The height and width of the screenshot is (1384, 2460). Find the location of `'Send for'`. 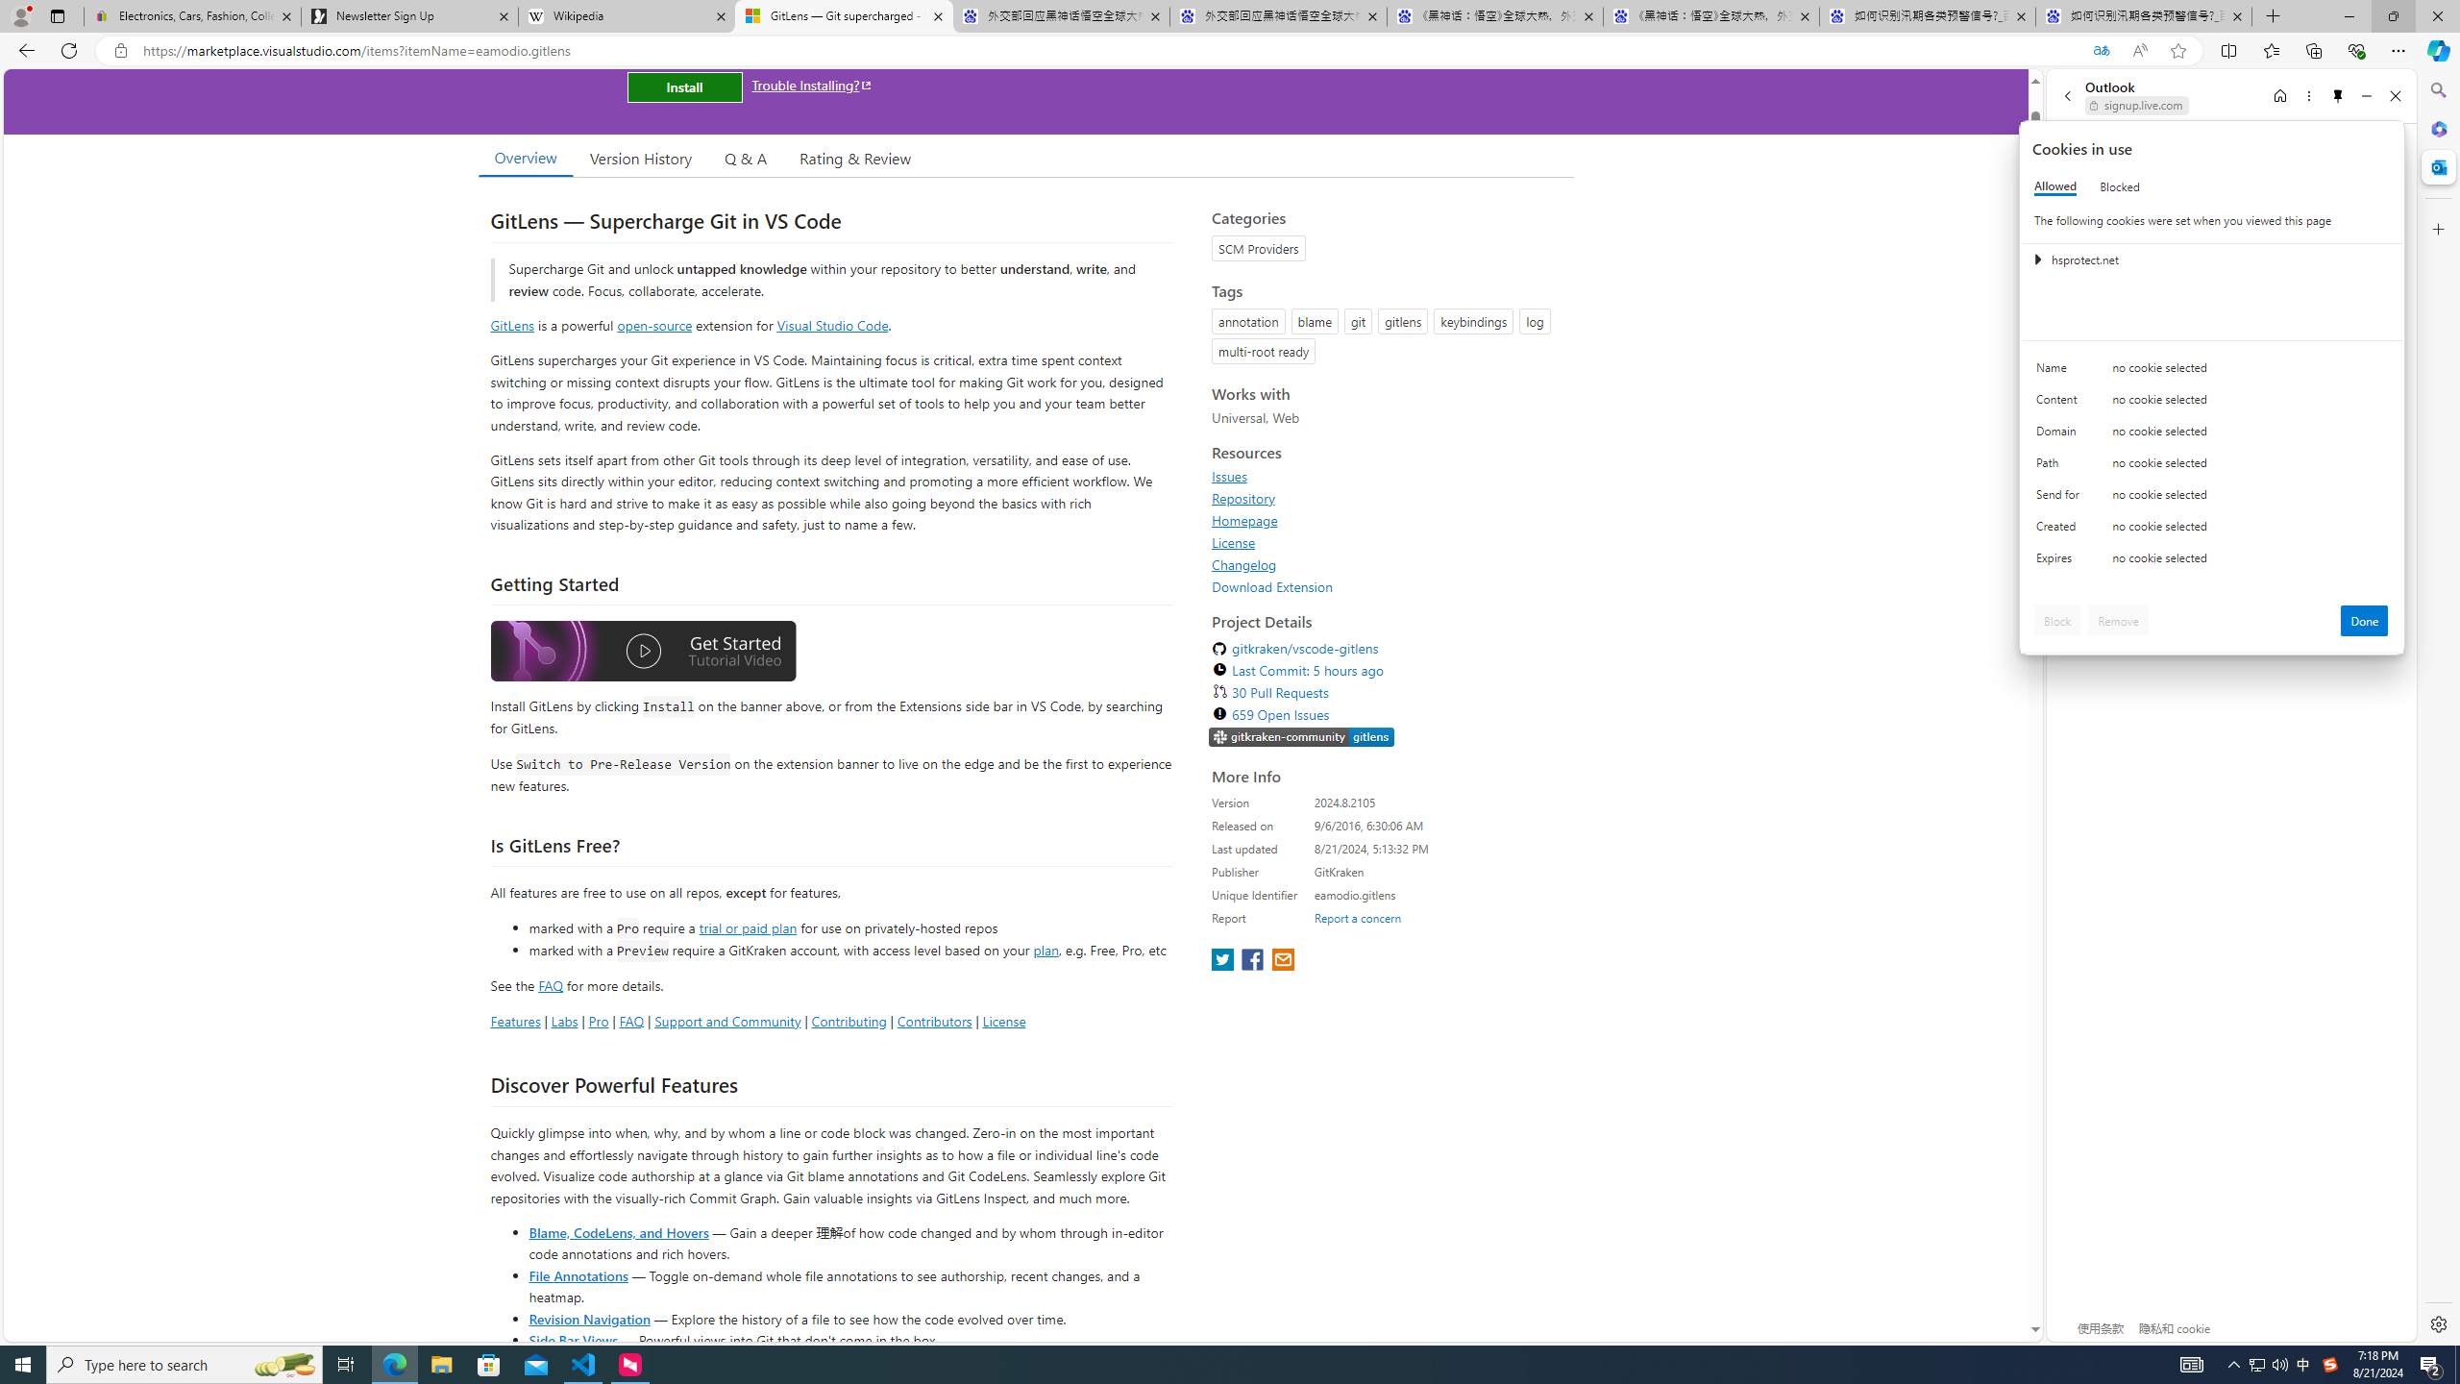

'Send for' is located at coordinates (2060, 498).